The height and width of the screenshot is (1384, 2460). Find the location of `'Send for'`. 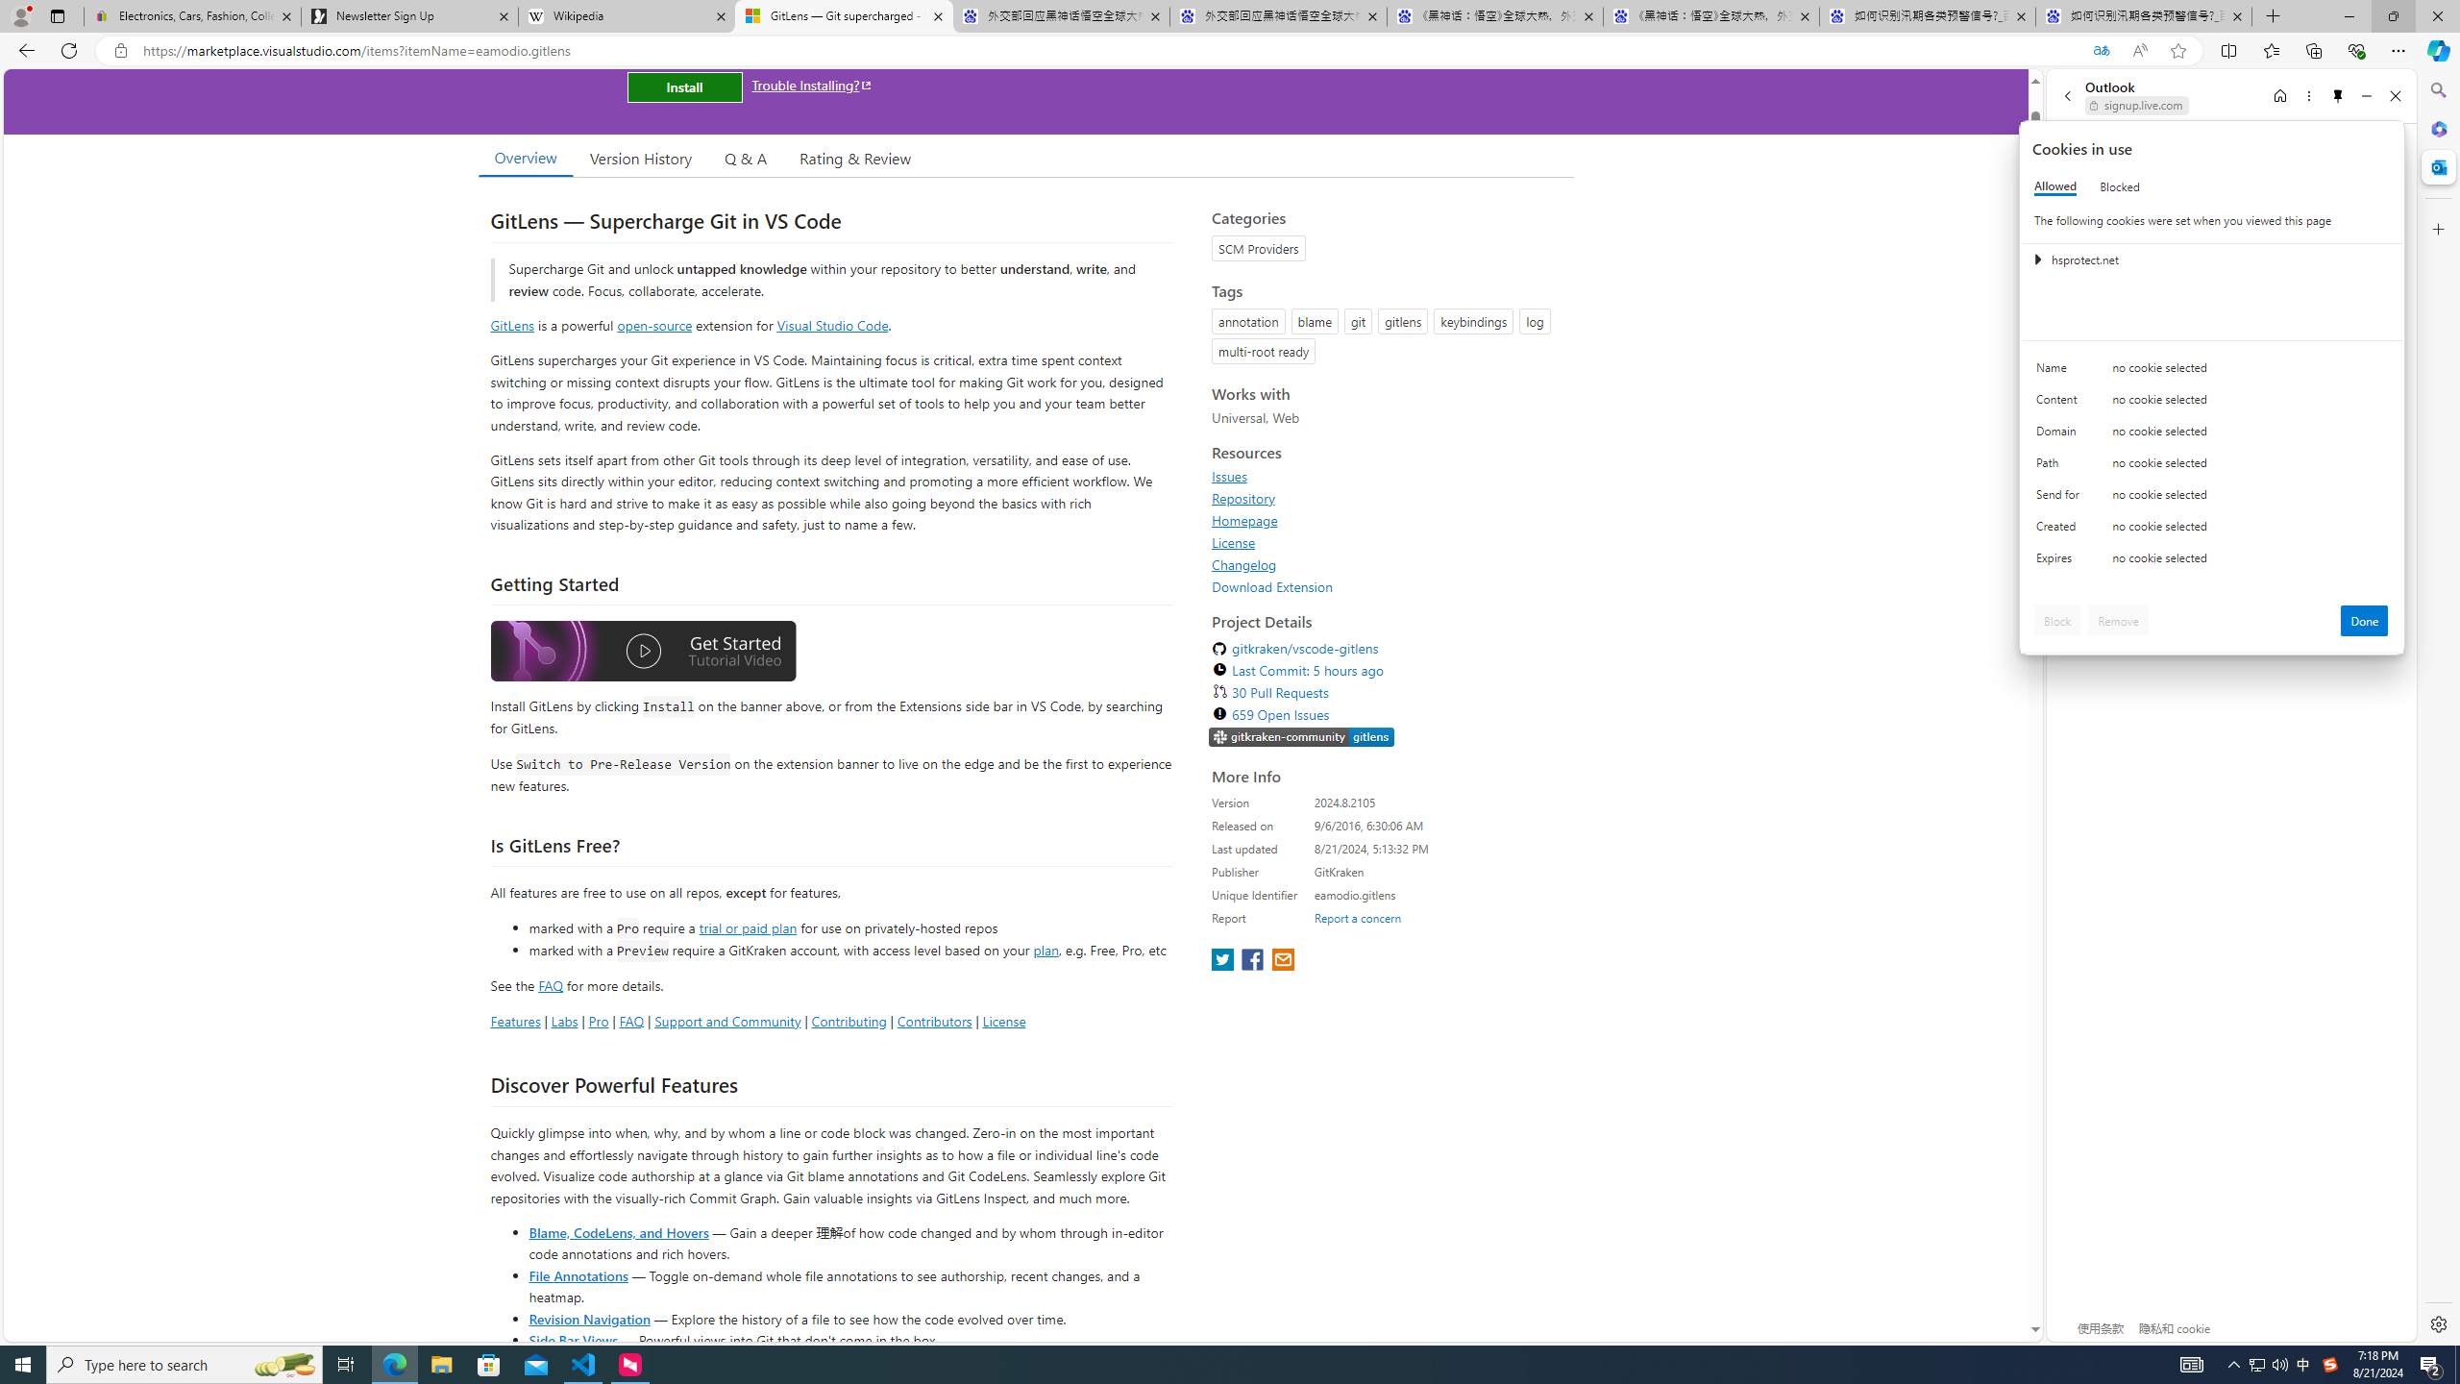

'Send for' is located at coordinates (2060, 498).